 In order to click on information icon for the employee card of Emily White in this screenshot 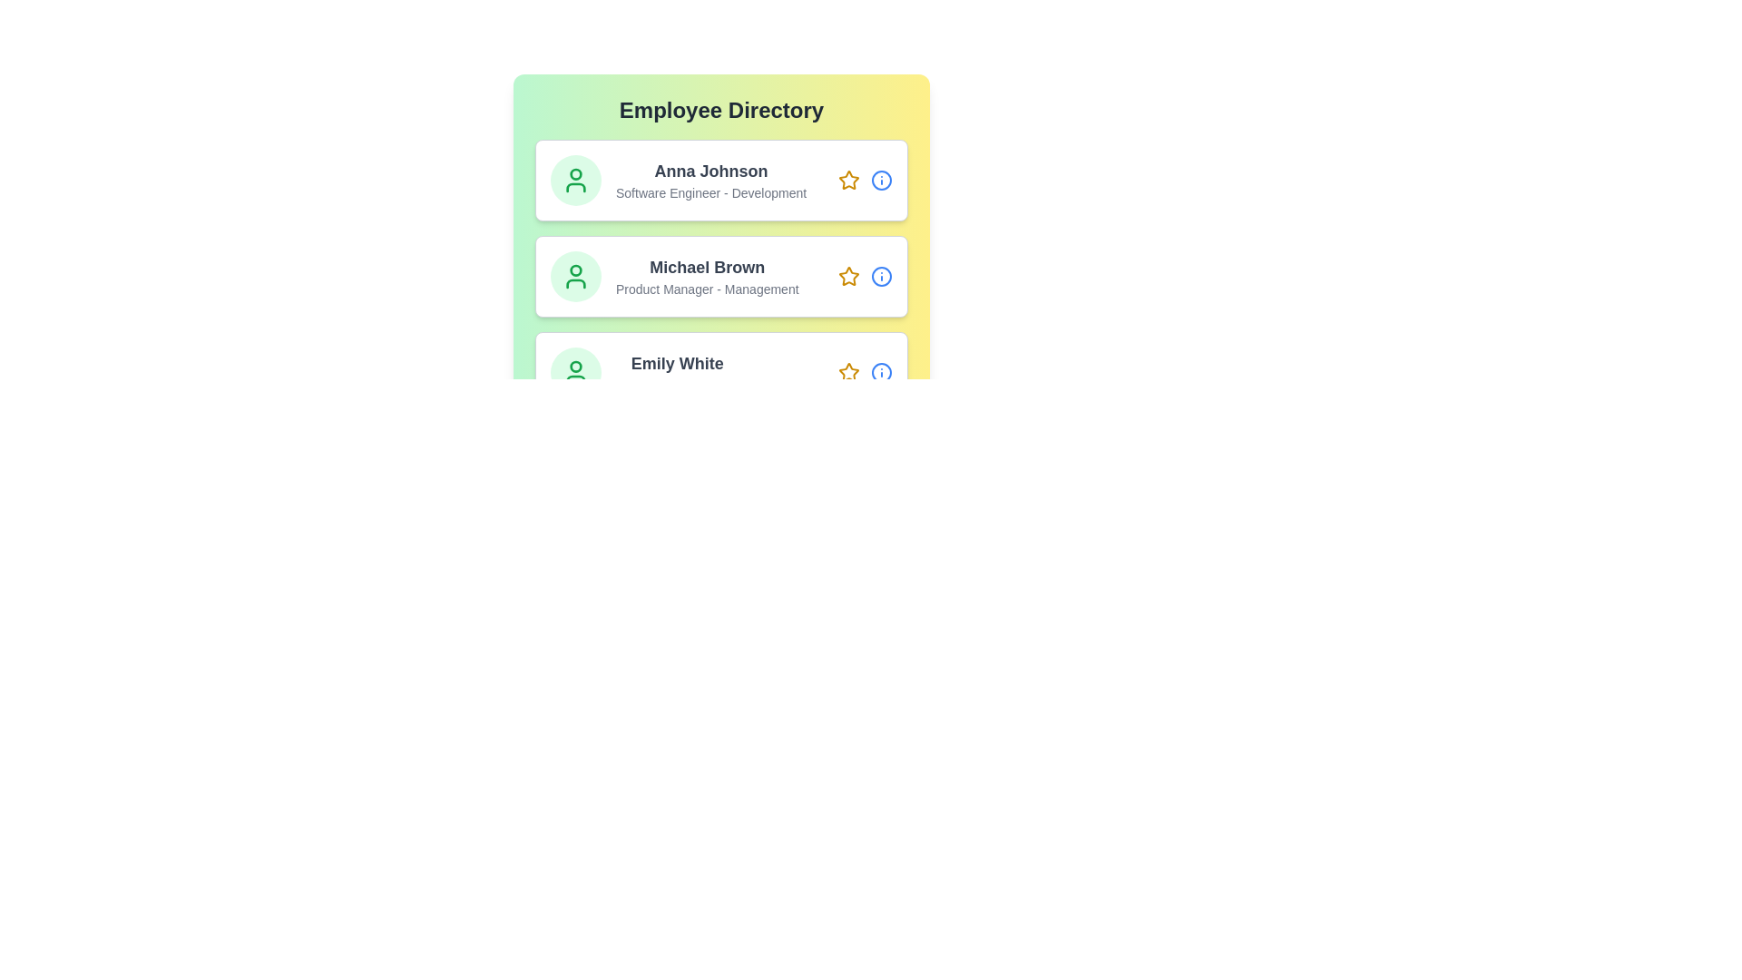, I will do `click(881, 372)`.